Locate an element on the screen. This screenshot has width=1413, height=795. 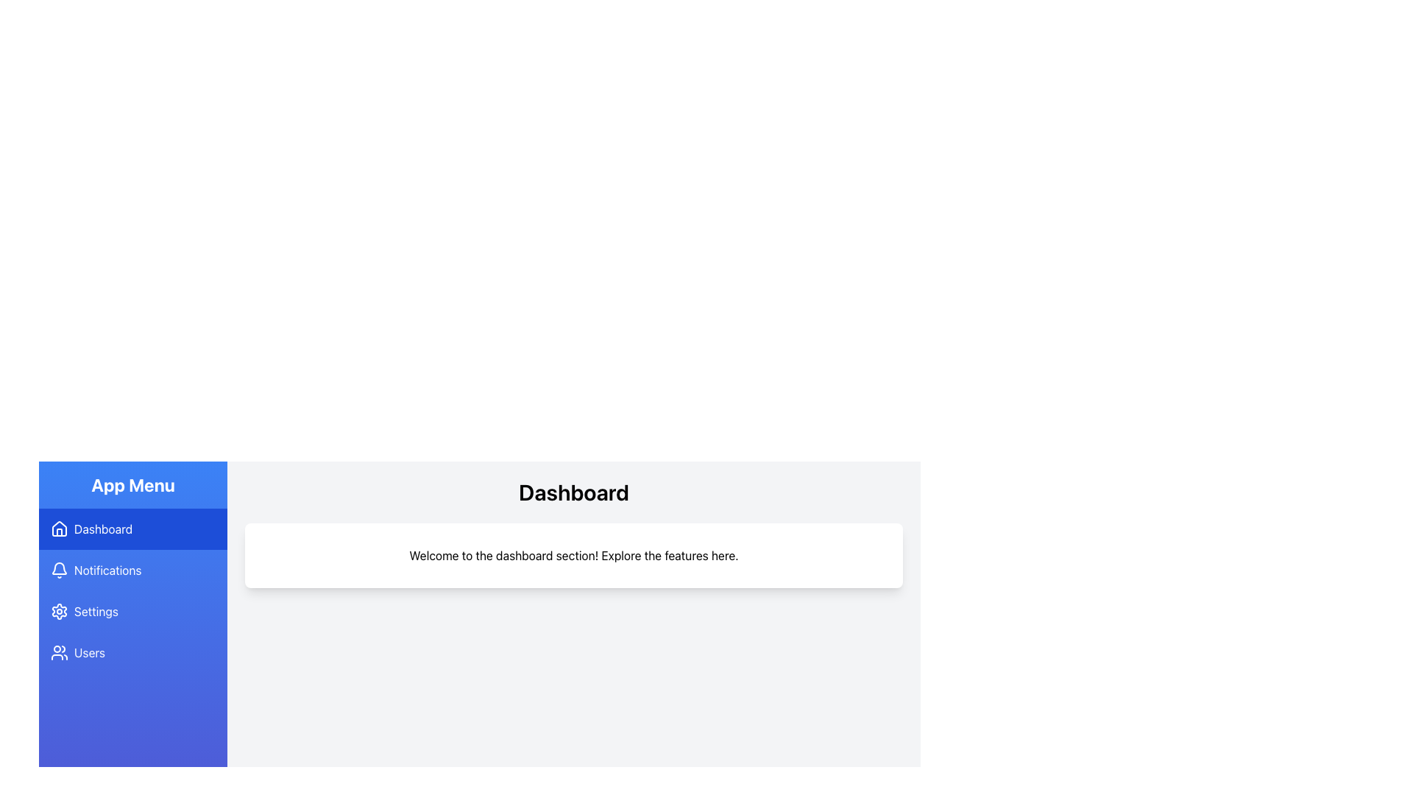
the Text Label indicating notifications, which is located in the left-hand sidebar below 'Dashboard' and above 'Settings' in the App Menu is located at coordinates (107, 570).